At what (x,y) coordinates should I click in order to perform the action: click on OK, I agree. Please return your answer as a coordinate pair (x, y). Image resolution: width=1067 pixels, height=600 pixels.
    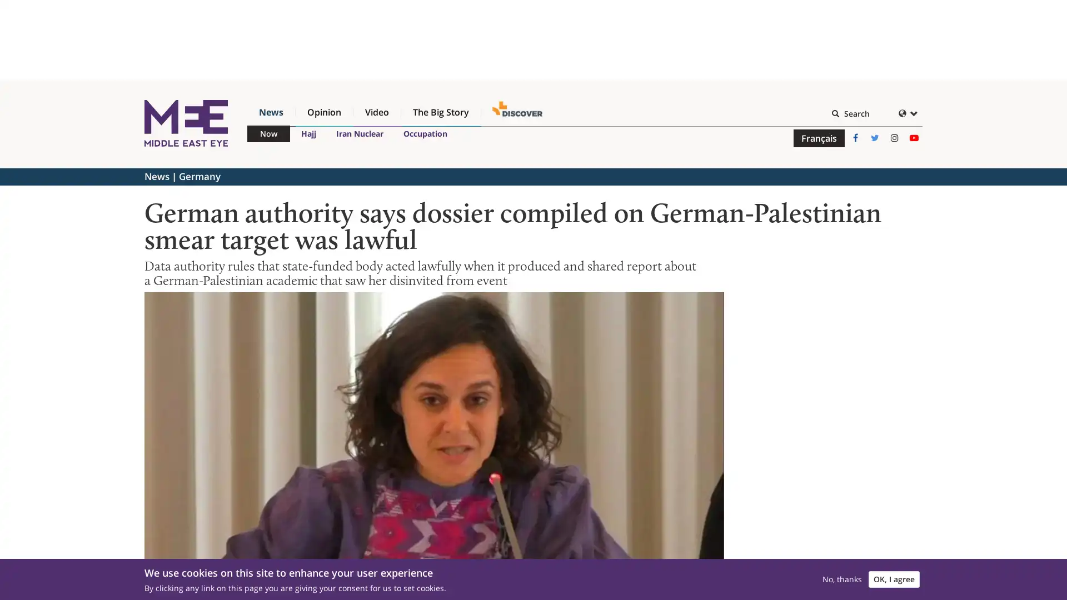
    Looking at the image, I should click on (894, 575).